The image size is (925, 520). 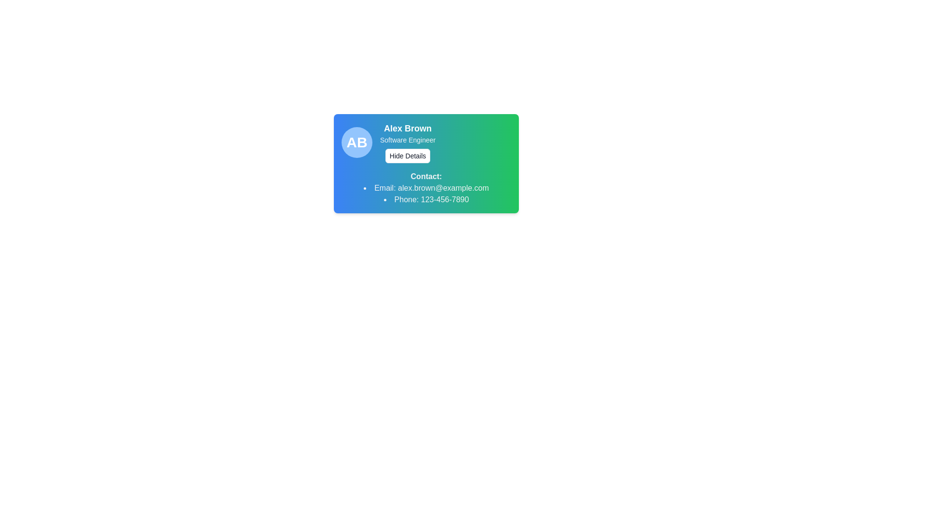 I want to click on details displayed about the user 'Alex Brown' which includes their name, role, and an interactive button to toggle visibility, located to the right of the avatar labeled 'AB', so click(x=408, y=143).